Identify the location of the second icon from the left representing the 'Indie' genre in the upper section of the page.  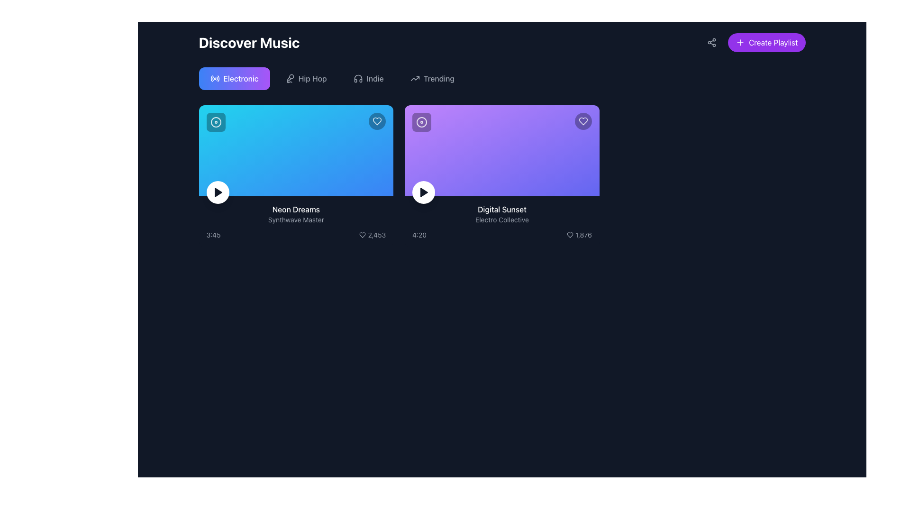
(357, 78).